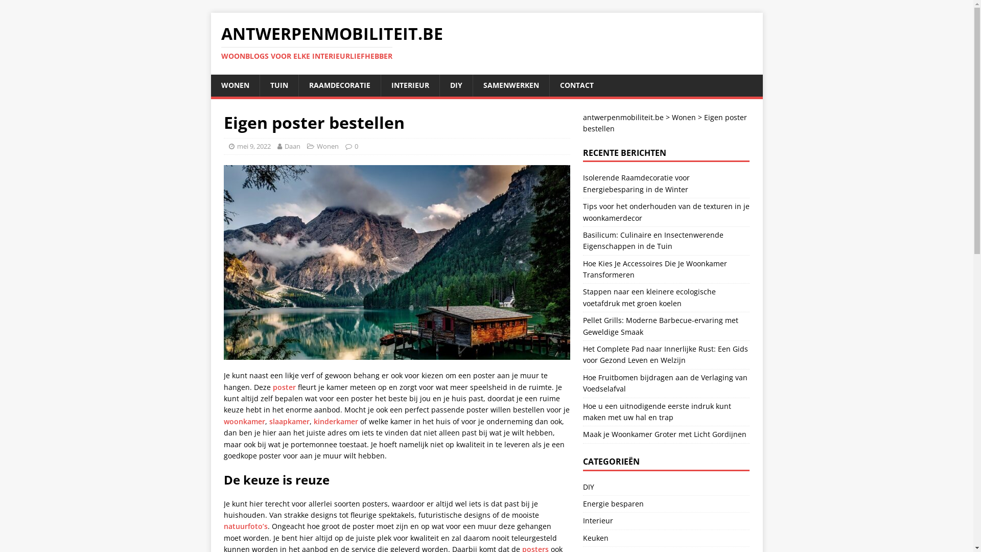 The width and height of the screenshot is (981, 552). What do you see at coordinates (665, 122) in the screenshot?
I see `'Eigen poster bestellen'` at bounding box center [665, 122].